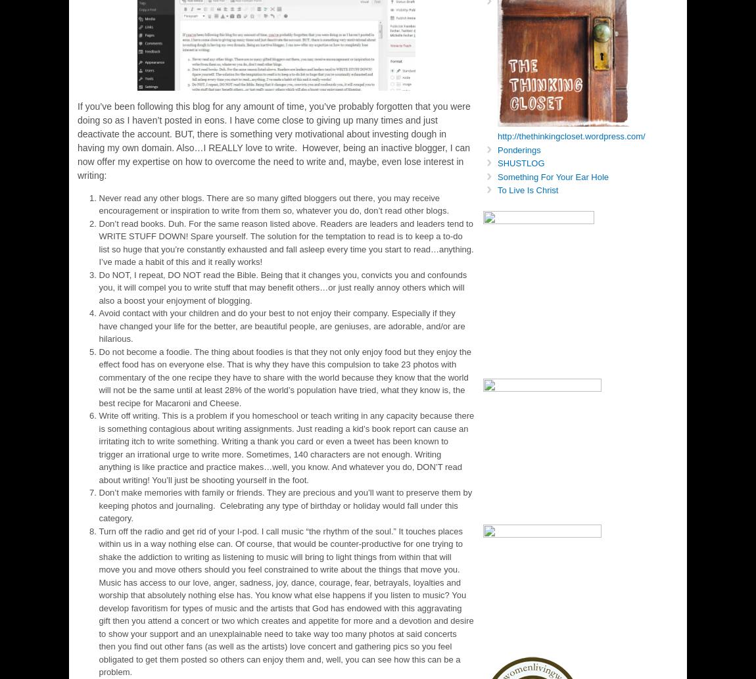 The width and height of the screenshot is (756, 679). What do you see at coordinates (520, 162) in the screenshot?
I see `'SHUSTLOG'` at bounding box center [520, 162].